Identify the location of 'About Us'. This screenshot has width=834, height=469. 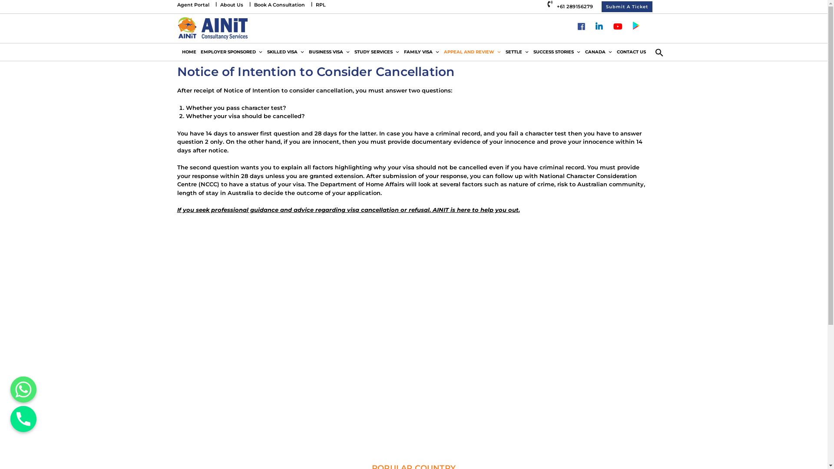
(231, 5).